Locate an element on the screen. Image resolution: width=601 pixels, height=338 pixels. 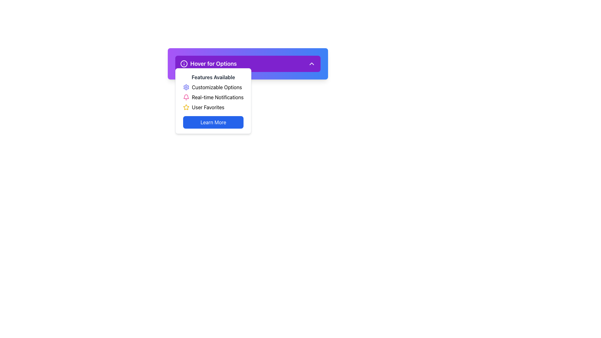
the 'User Favorites' option, which features a golden star icon and is located as the third item in the drop-down list under 'Features Available.' is located at coordinates (213, 107).